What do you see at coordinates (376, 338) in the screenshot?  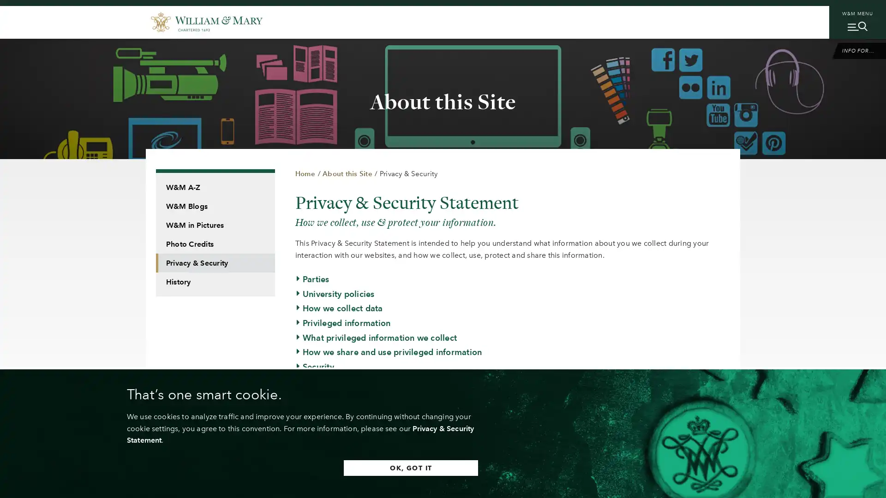 I see `What privileged information we collect` at bounding box center [376, 338].